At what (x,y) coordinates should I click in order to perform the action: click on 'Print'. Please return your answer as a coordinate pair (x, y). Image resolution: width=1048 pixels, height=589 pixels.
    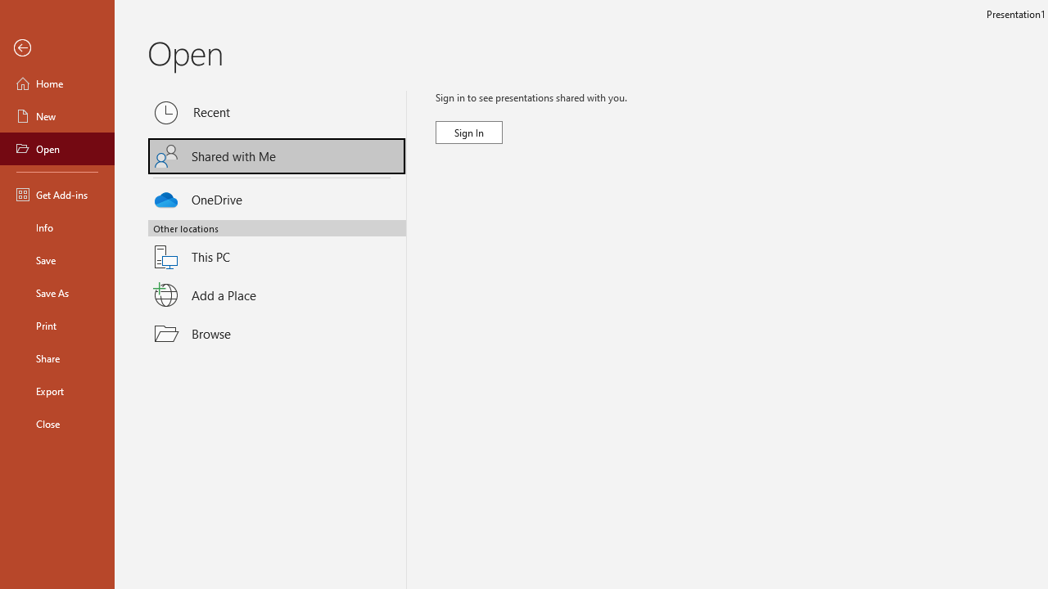
    Looking at the image, I should click on (56, 326).